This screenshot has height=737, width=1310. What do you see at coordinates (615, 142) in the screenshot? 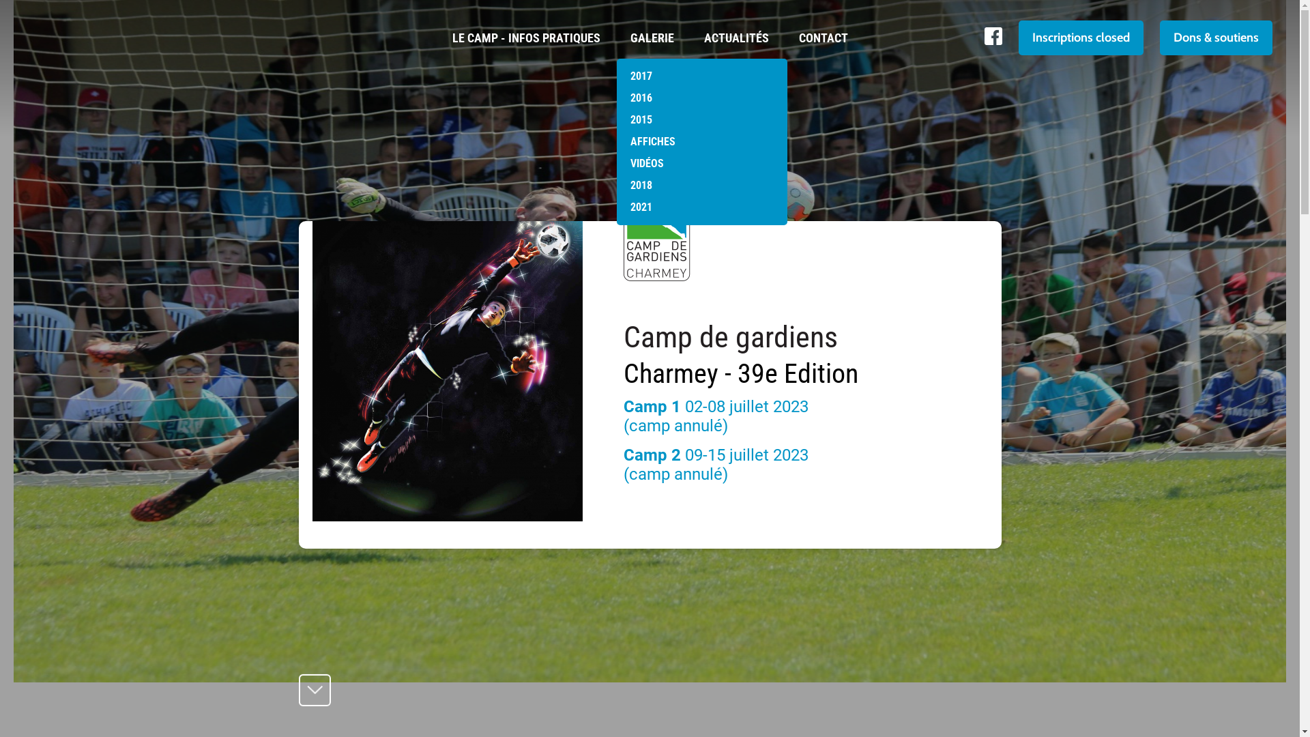
I see `'AFFICHES'` at bounding box center [615, 142].